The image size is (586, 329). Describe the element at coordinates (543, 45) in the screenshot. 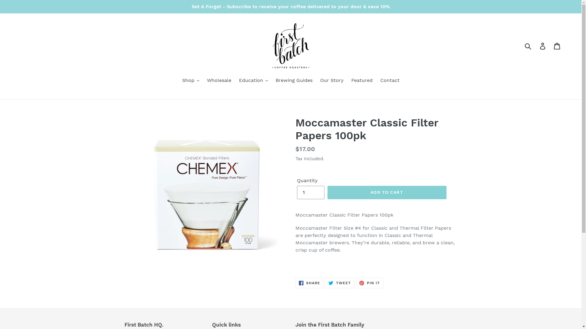

I see `'Log in'` at that location.